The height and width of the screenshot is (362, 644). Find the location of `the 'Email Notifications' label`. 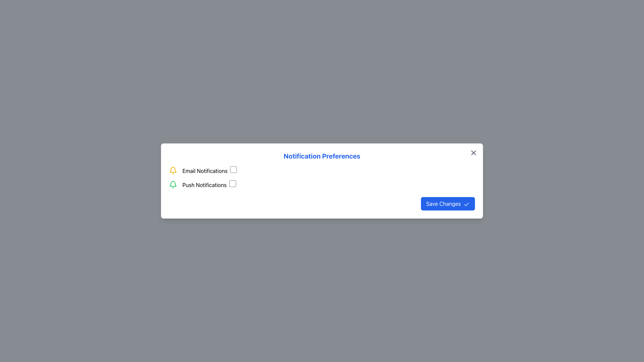

the 'Email Notifications' label is located at coordinates (209, 170).